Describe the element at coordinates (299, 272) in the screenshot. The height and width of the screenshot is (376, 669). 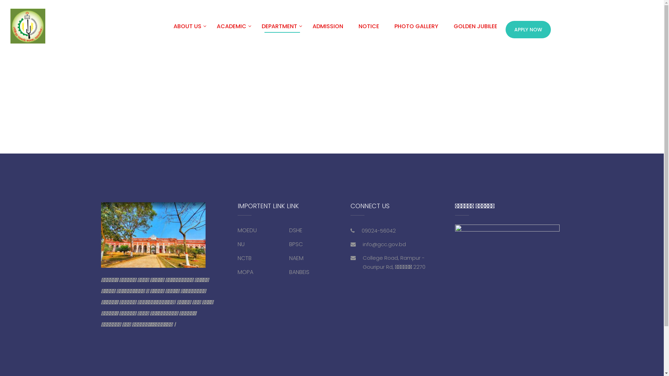
I see `'BANBEIS'` at that location.